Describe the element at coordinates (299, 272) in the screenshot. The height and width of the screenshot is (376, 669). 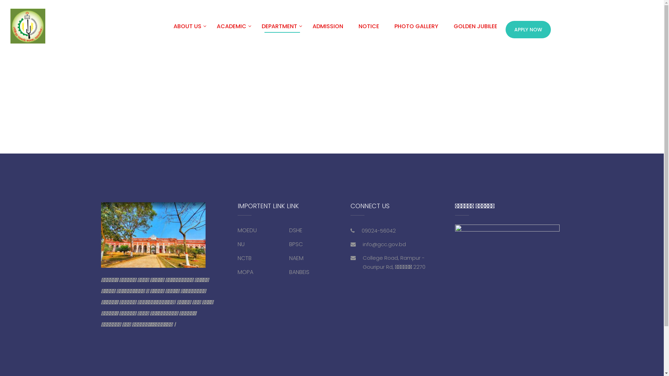
I see `'BANBEIS'` at that location.